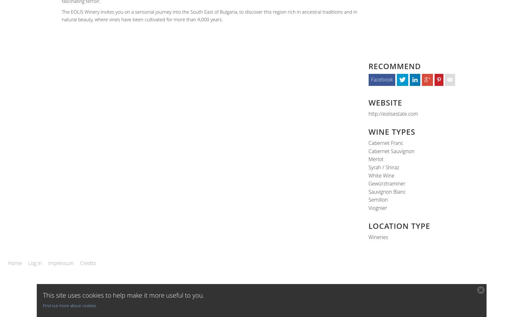 The height and width of the screenshot is (317, 523). What do you see at coordinates (42, 305) in the screenshot?
I see `'Find out more about cookies.'` at bounding box center [42, 305].